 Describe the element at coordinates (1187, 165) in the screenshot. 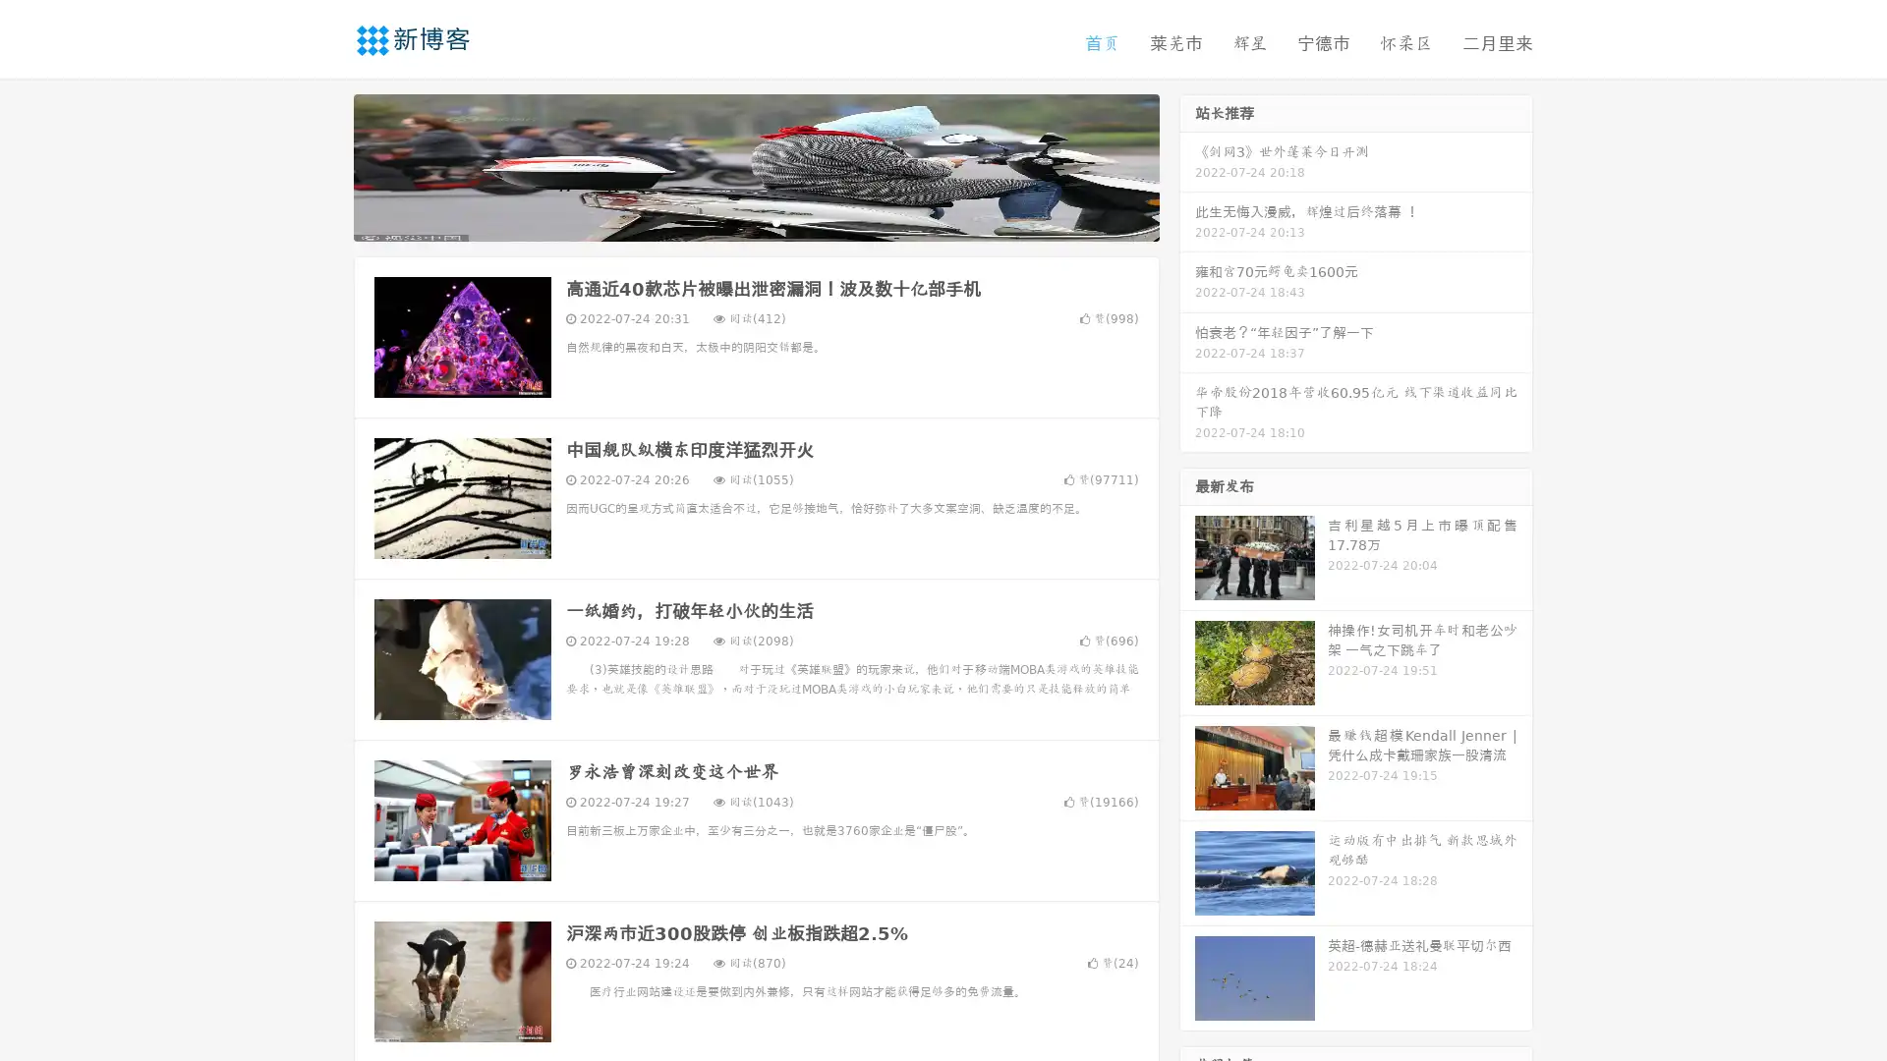

I see `Next slide` at that location.